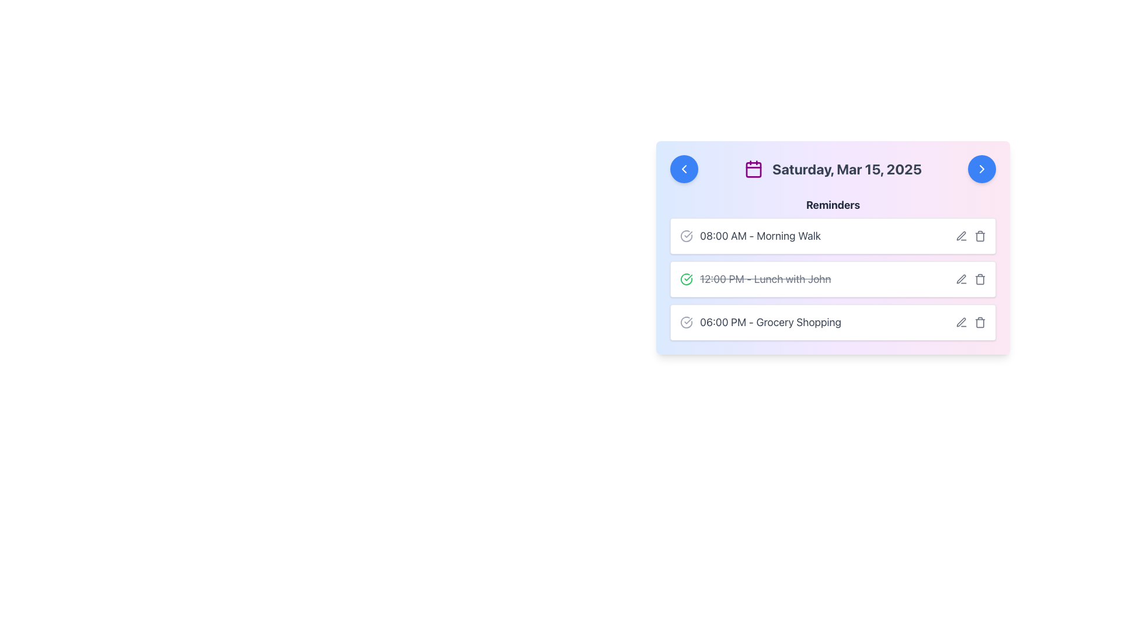 The image size is (1121, 630). What do you see at coordinates (760, 322) in the screenshot?
I see `the check mark icon next to the text '06:00 PM - Grocery Shopping' to mark this grocery shopping event as completed` at bounding box center [760, 322].